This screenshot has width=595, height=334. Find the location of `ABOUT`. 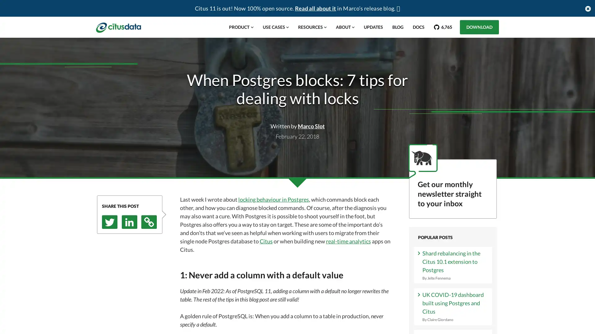

ABOUT is located at coordinates (345, 27).